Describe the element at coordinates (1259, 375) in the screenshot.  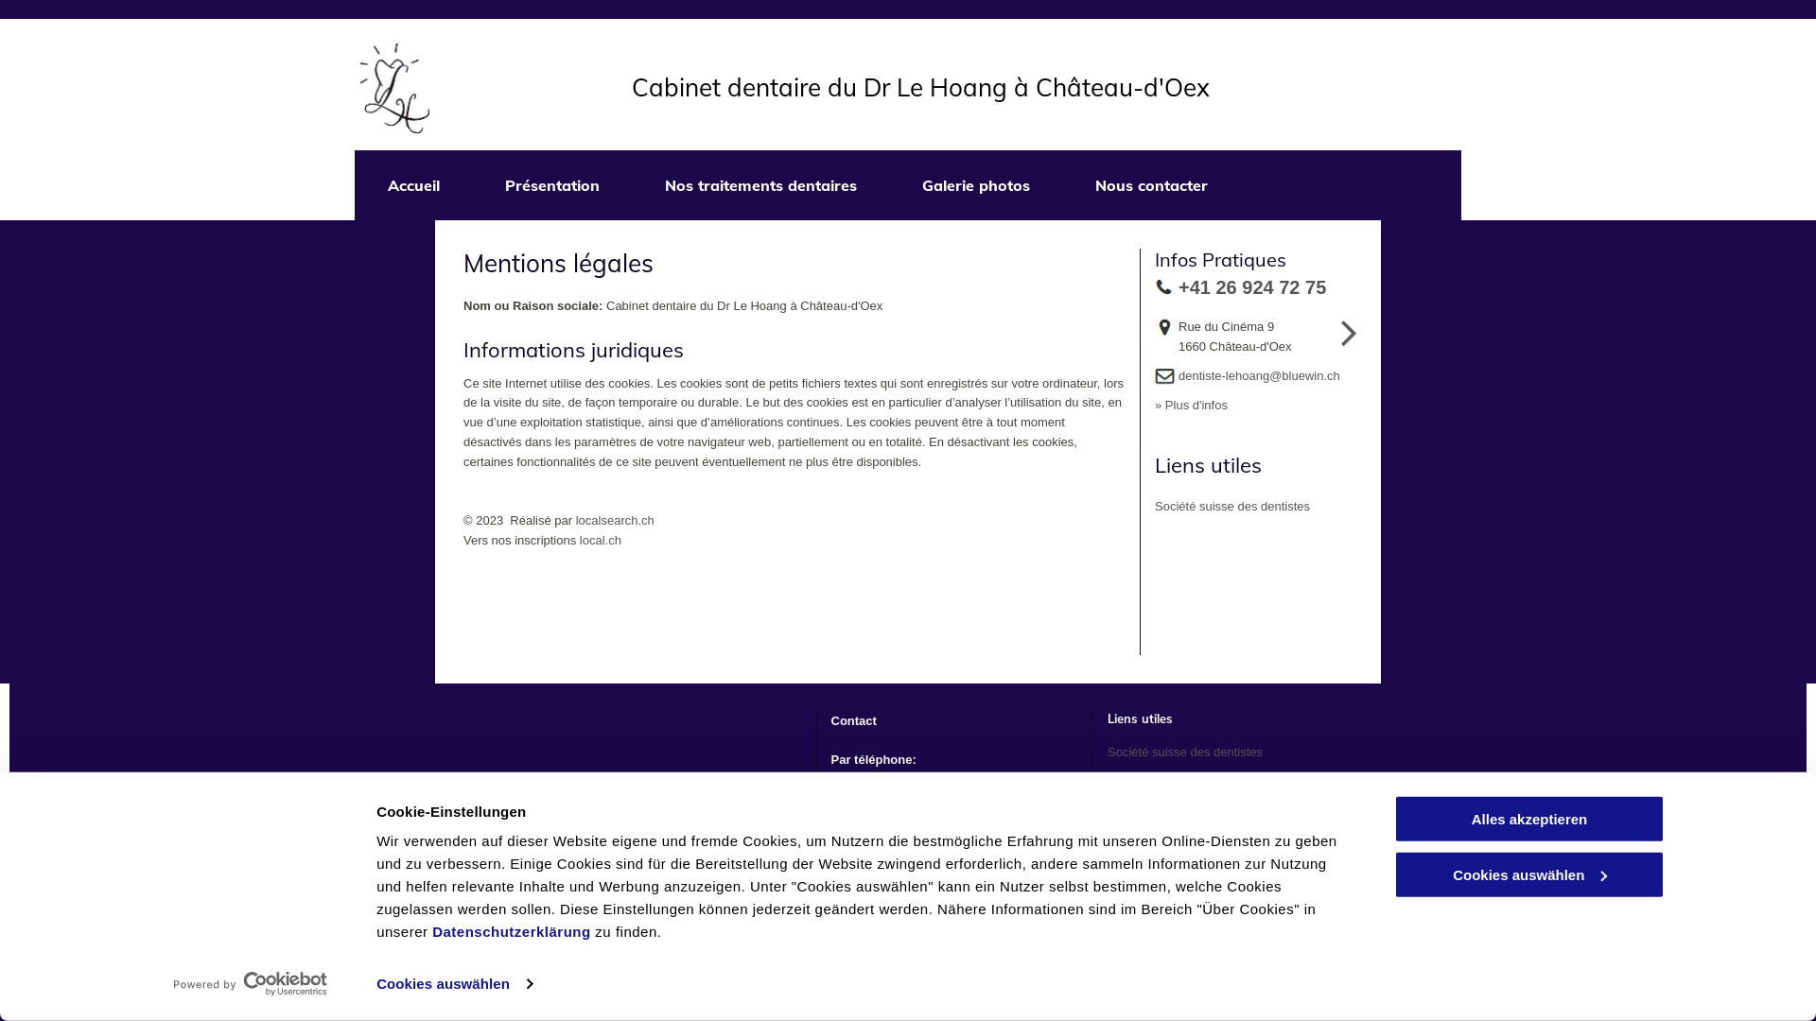
I see `'dentiste-lehoang@bluewin.ch'` at that location.